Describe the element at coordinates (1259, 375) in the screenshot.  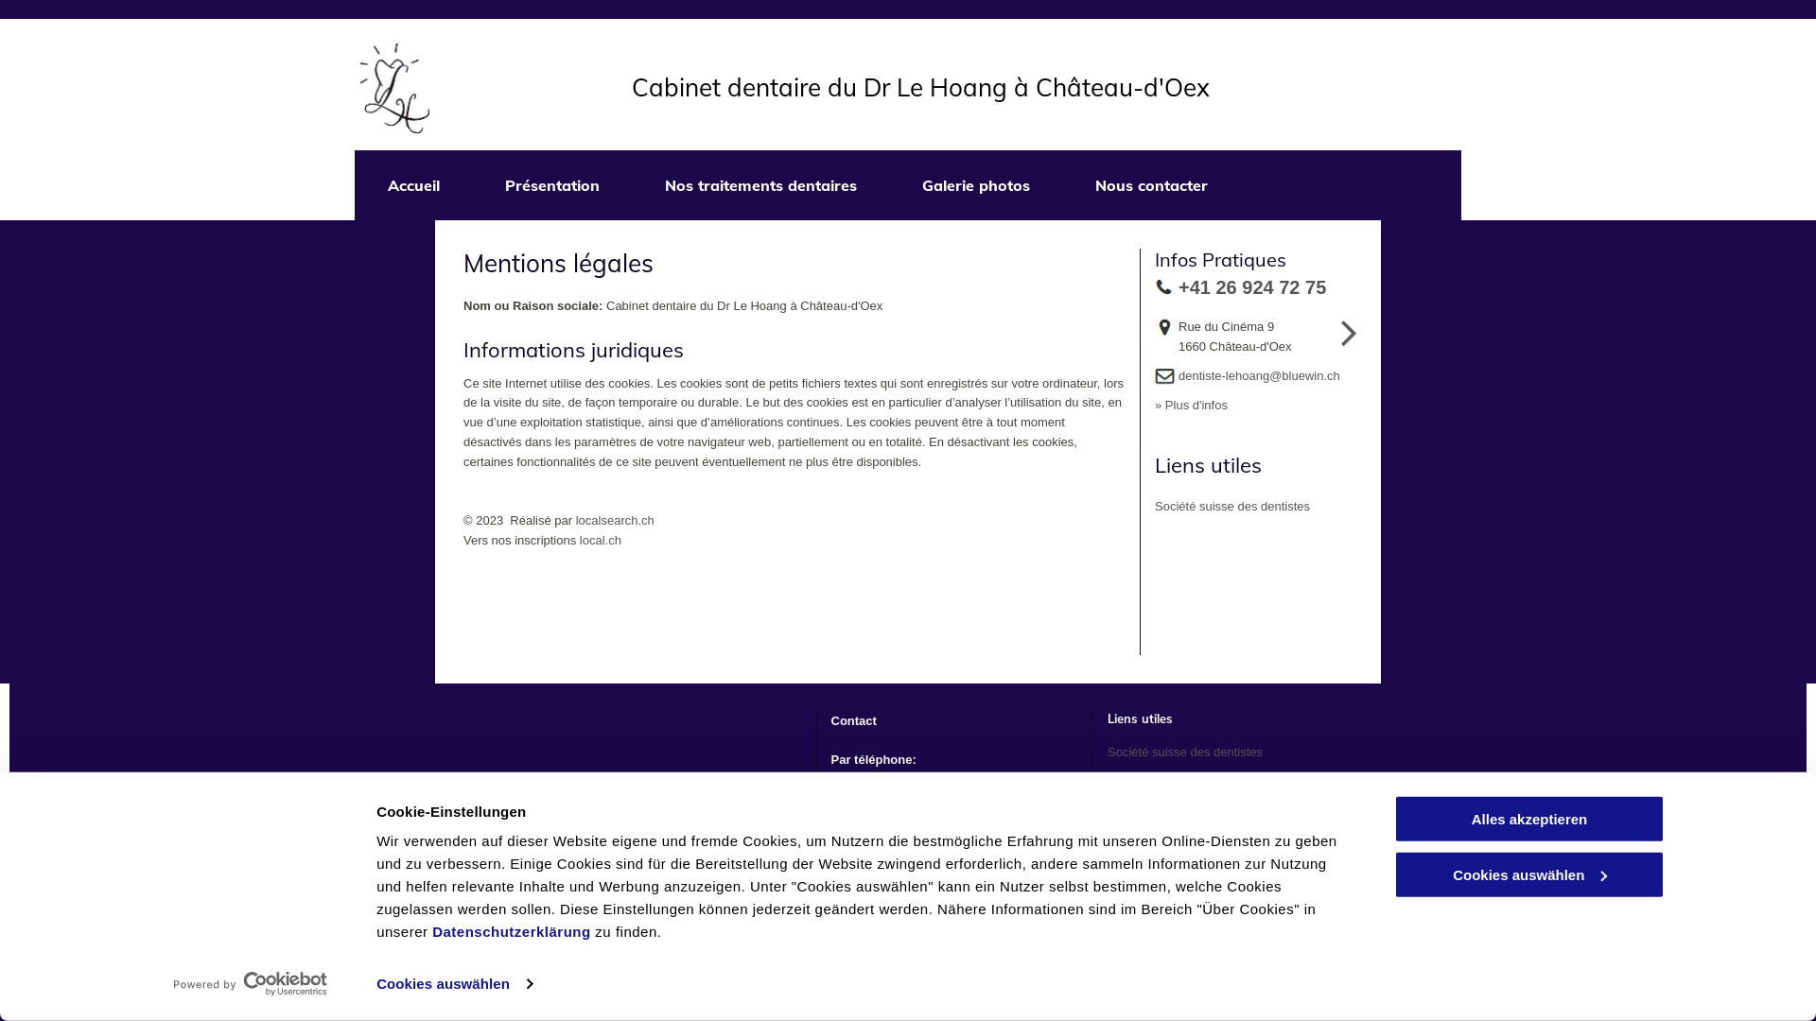
I see `'dentiste-lehoang@bluewin.ch'` at that location.